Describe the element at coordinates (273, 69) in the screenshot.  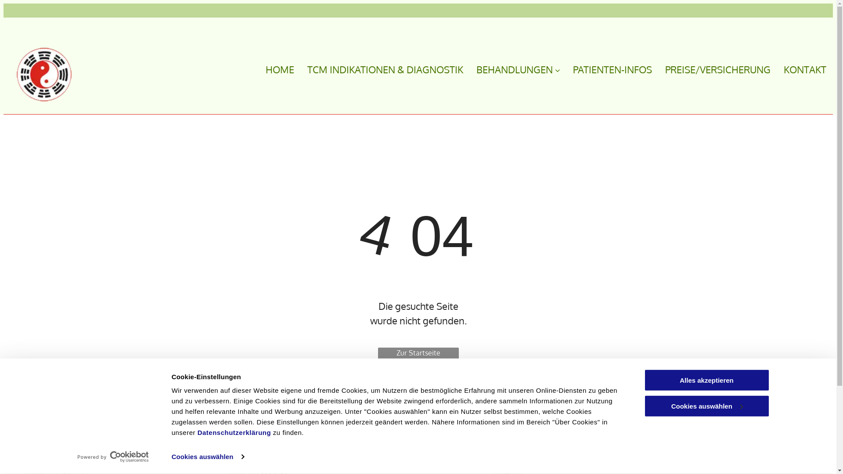
I see `'HOME'` at that location.